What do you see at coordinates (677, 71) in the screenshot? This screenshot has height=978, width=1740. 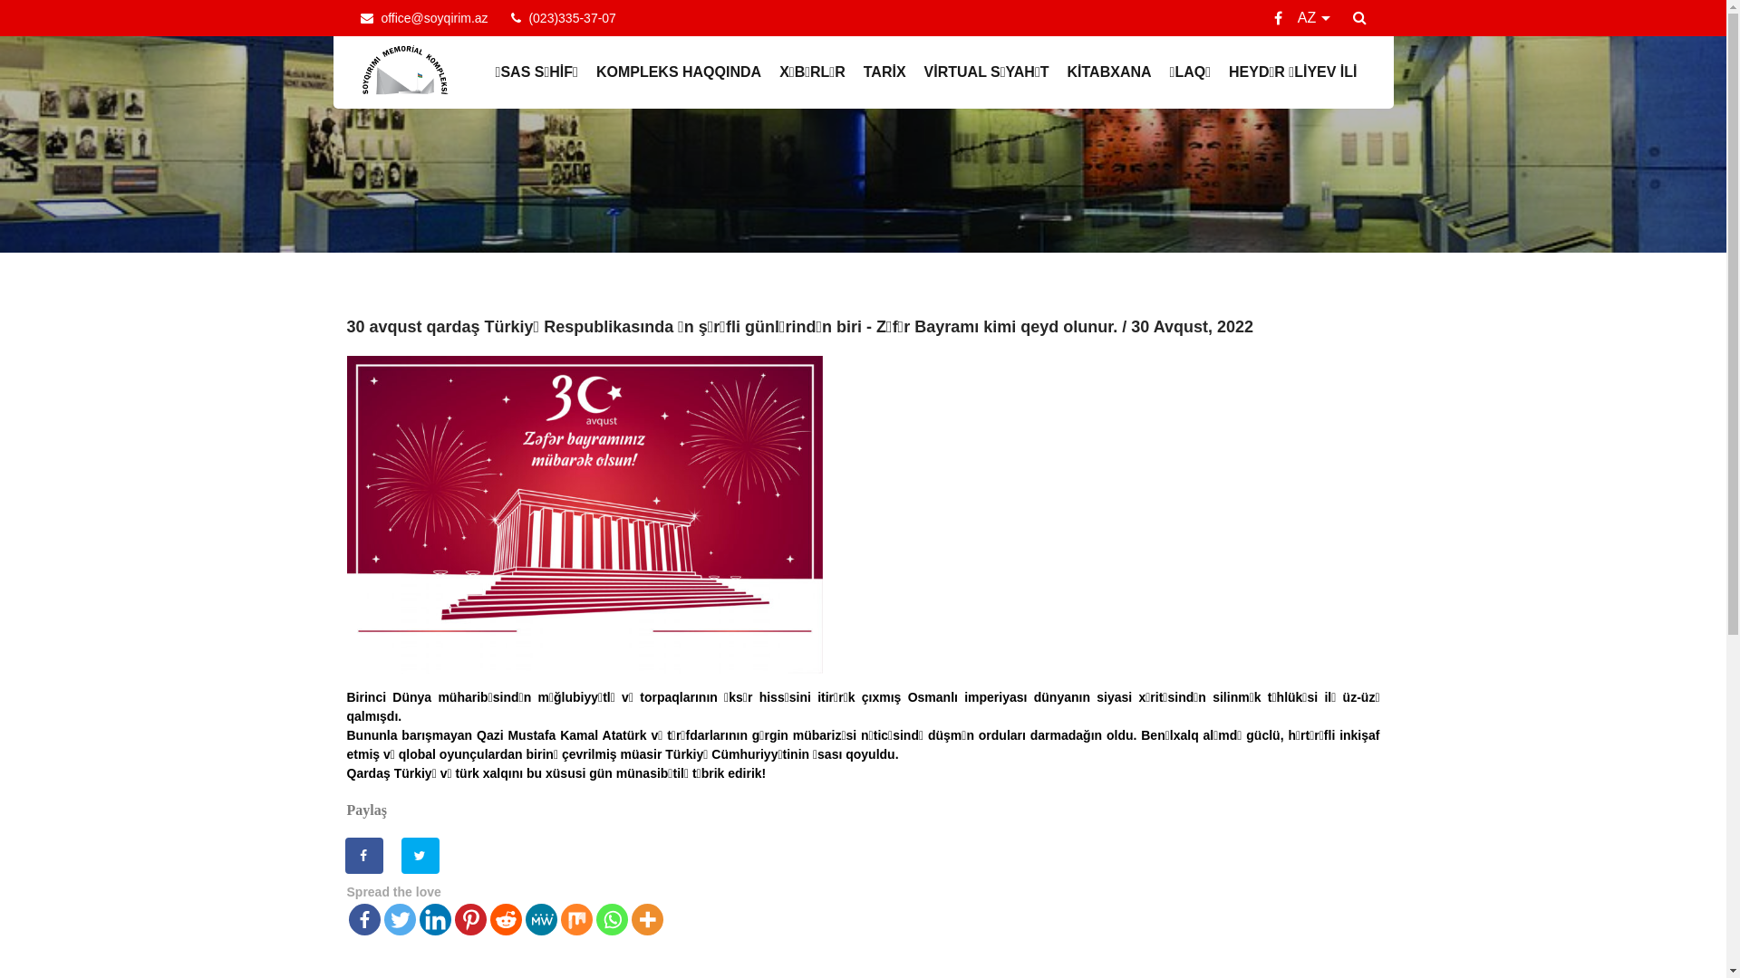 I see `'KOMPLEKS HAQQINDA'` at bounding box center [677, 71].